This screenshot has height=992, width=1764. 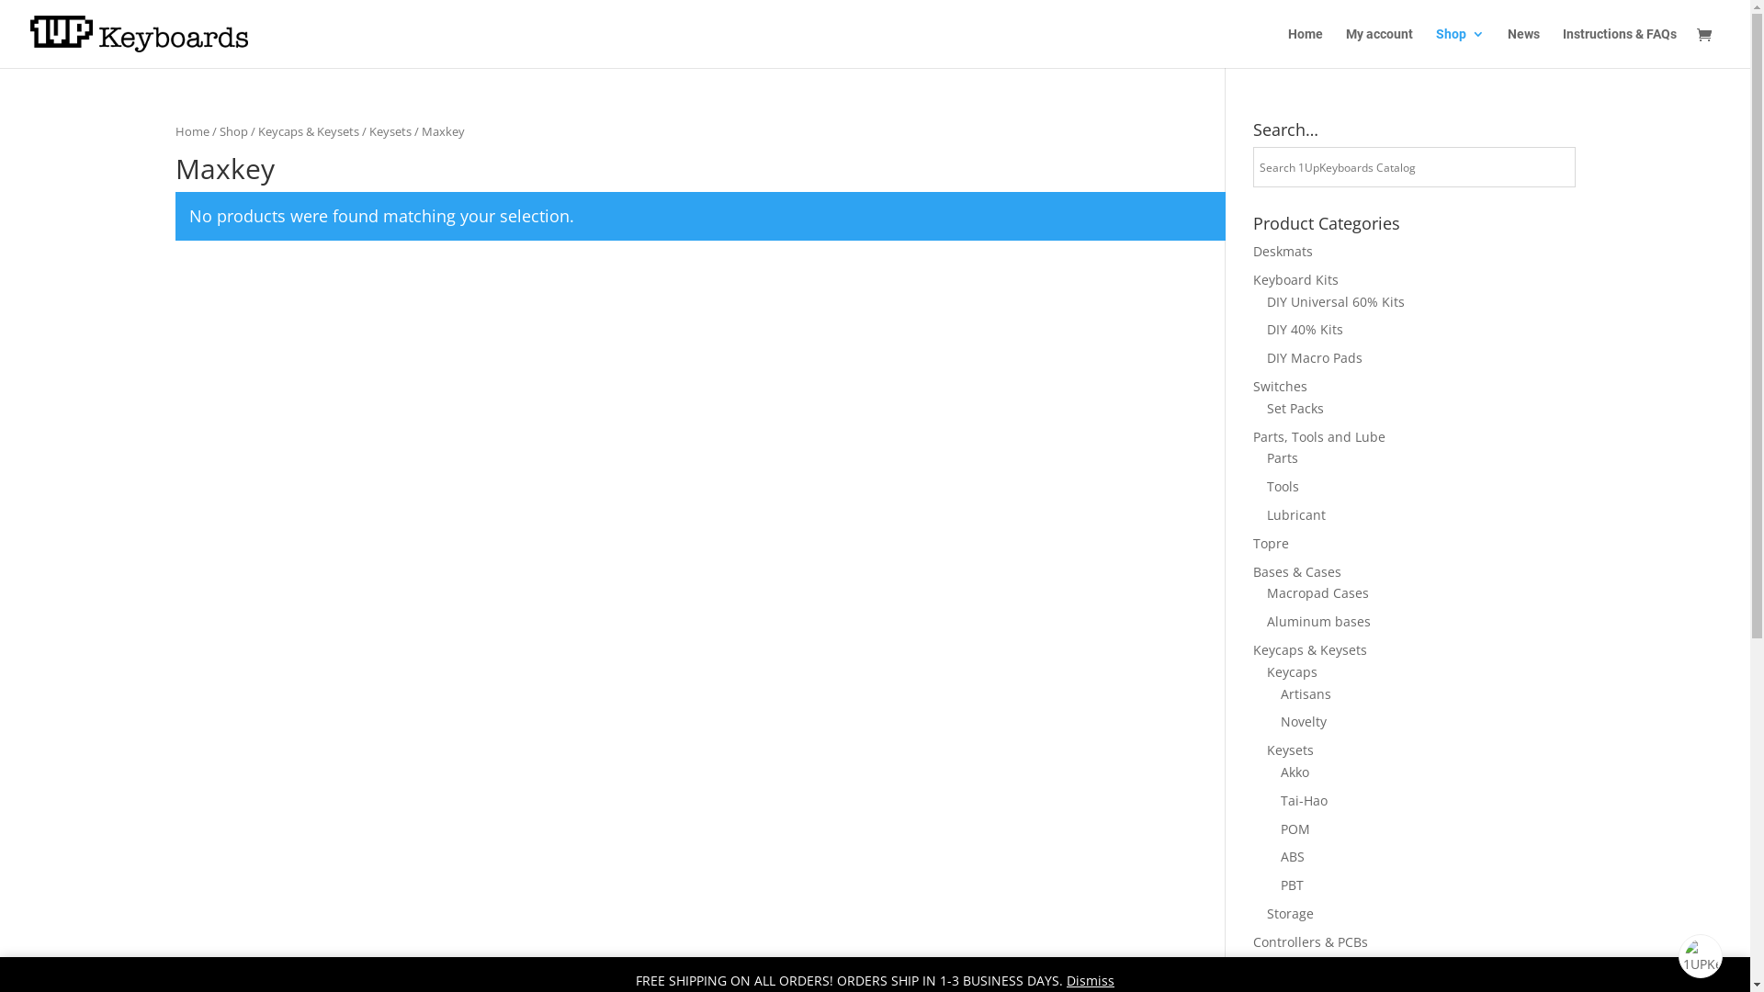 I want to click on 'Aluminum bases', so click(x=1264, y=620).